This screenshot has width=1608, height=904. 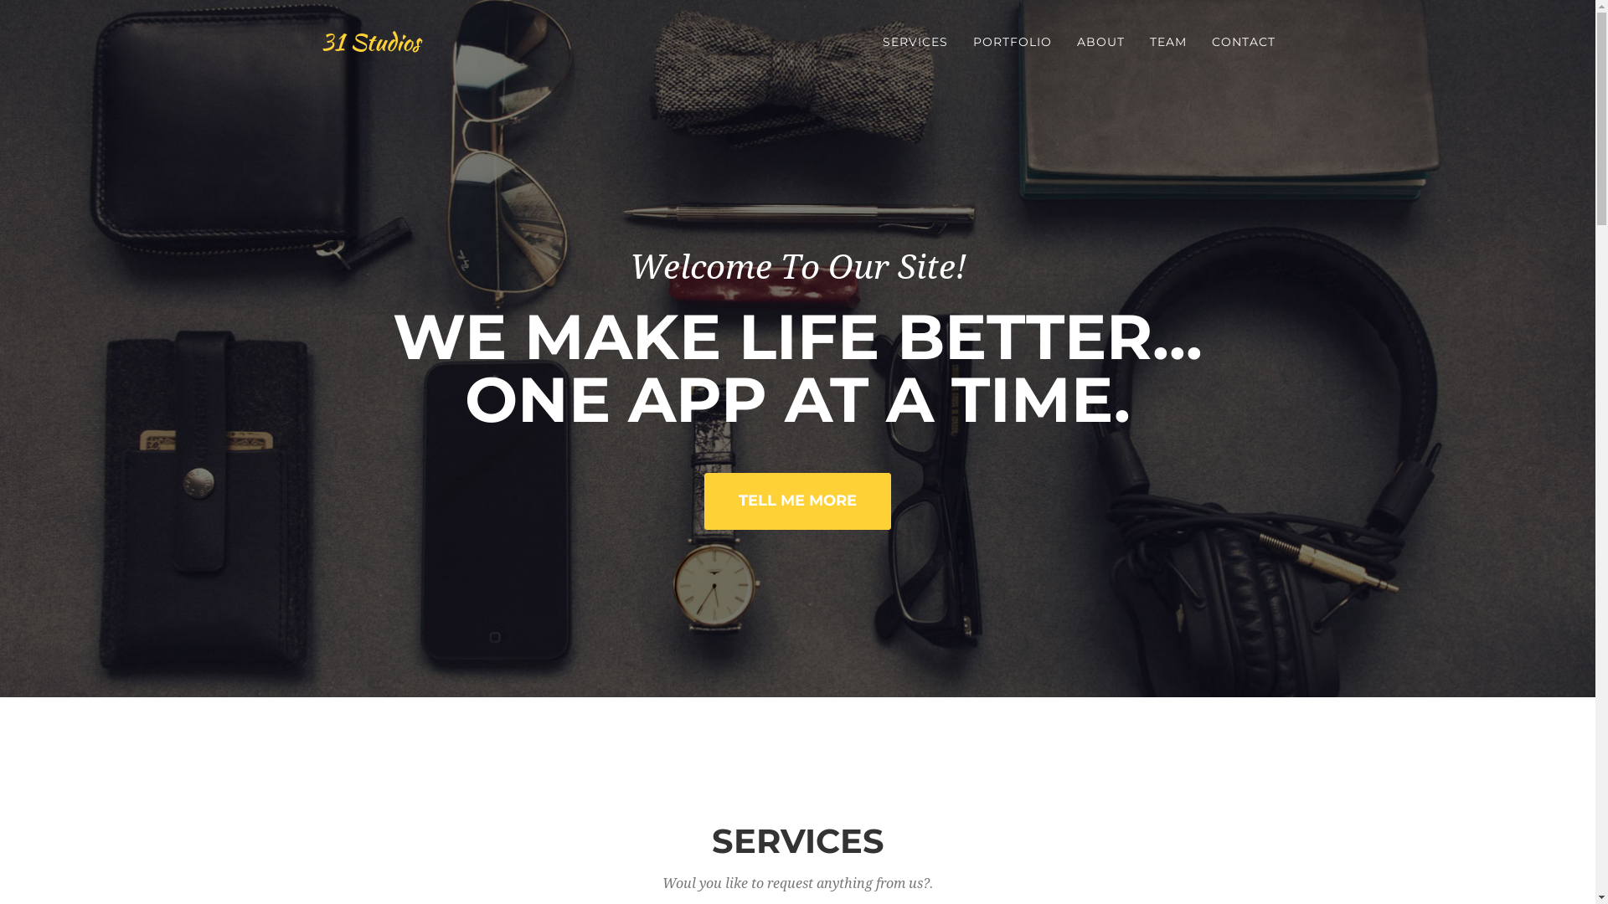 What do you see at coordinates (369, 41) in the screenshot?
I see `'31 Studios'` at bounding box center [369, 41].